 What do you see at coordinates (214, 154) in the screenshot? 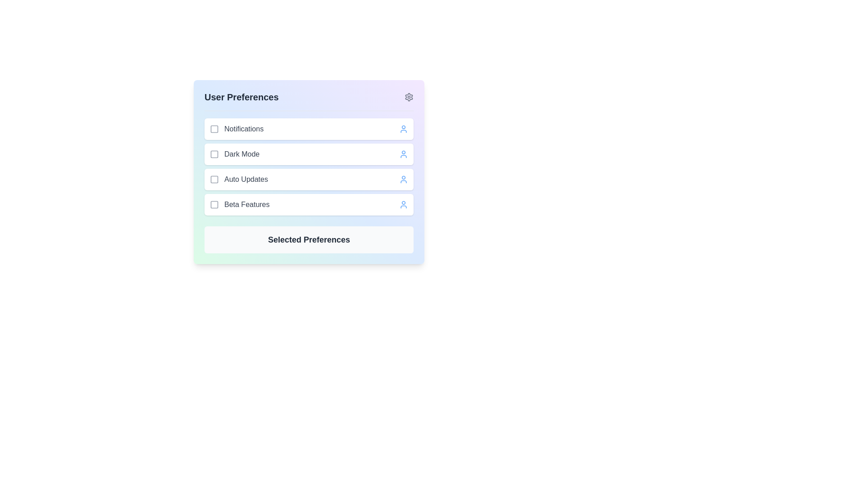
I see `the checkbox indicator for 'Dark Mode' in the User Preferences list` at bounding box center [214, 154].